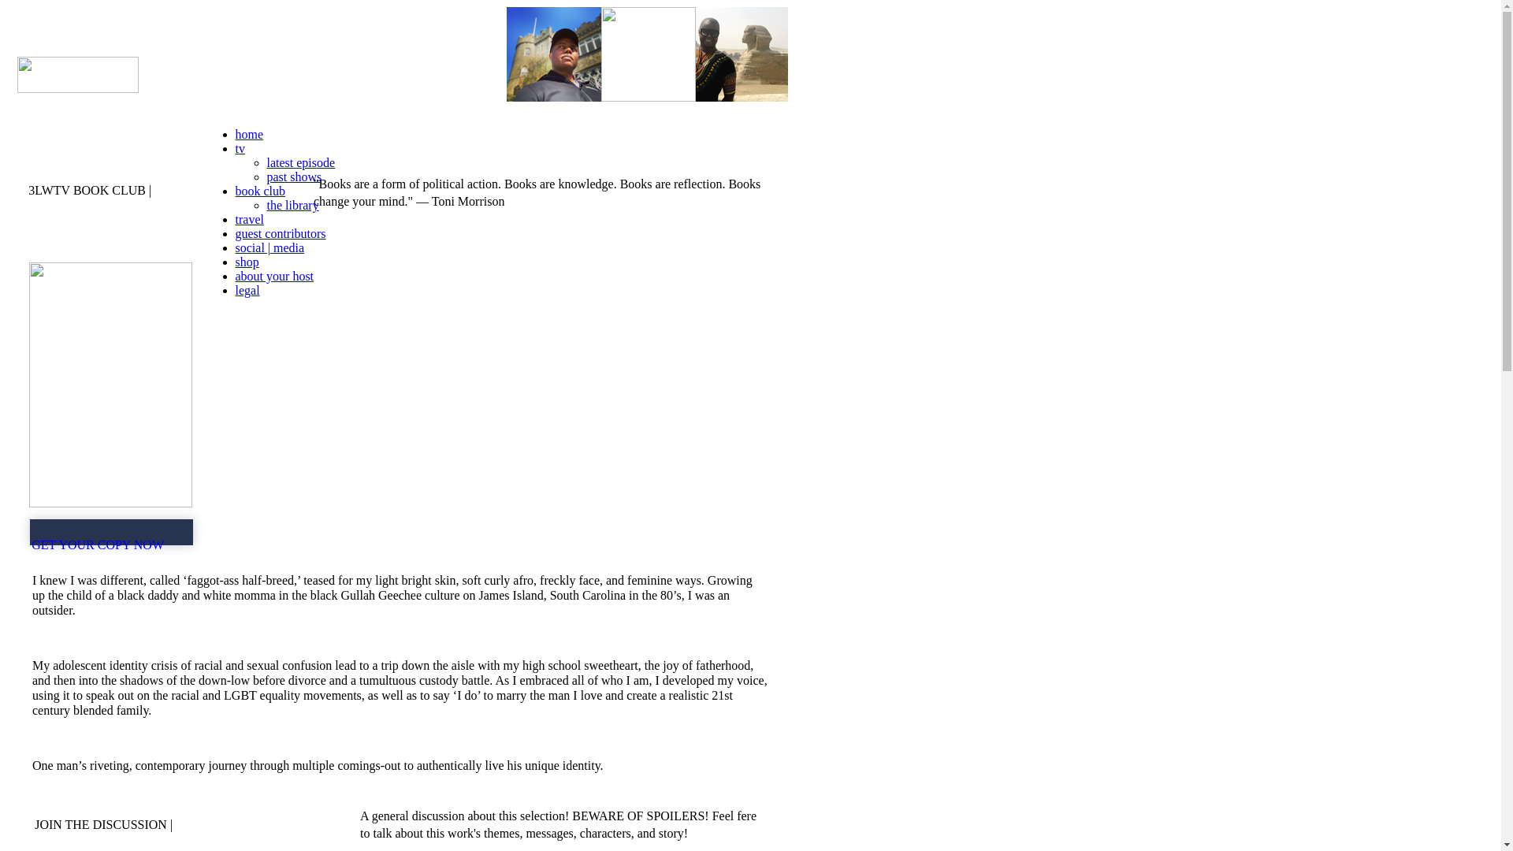 This screenshot has width=1513, height=851. Describe the element at coordinates (274, 275) in the screenshot. I see `'about your host'` at that location.